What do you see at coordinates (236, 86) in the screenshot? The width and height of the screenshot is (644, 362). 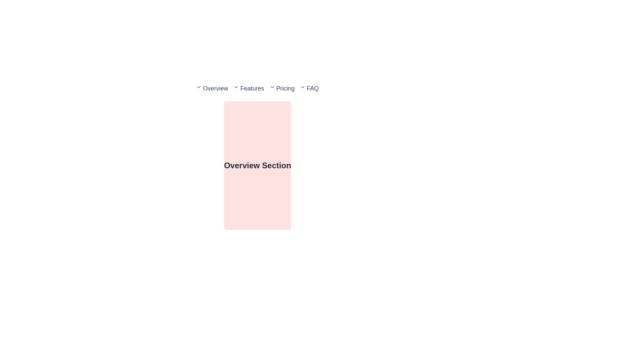 I see `the chevron-down icon located next to the text 'Features'` at bounding box center [236, 86].